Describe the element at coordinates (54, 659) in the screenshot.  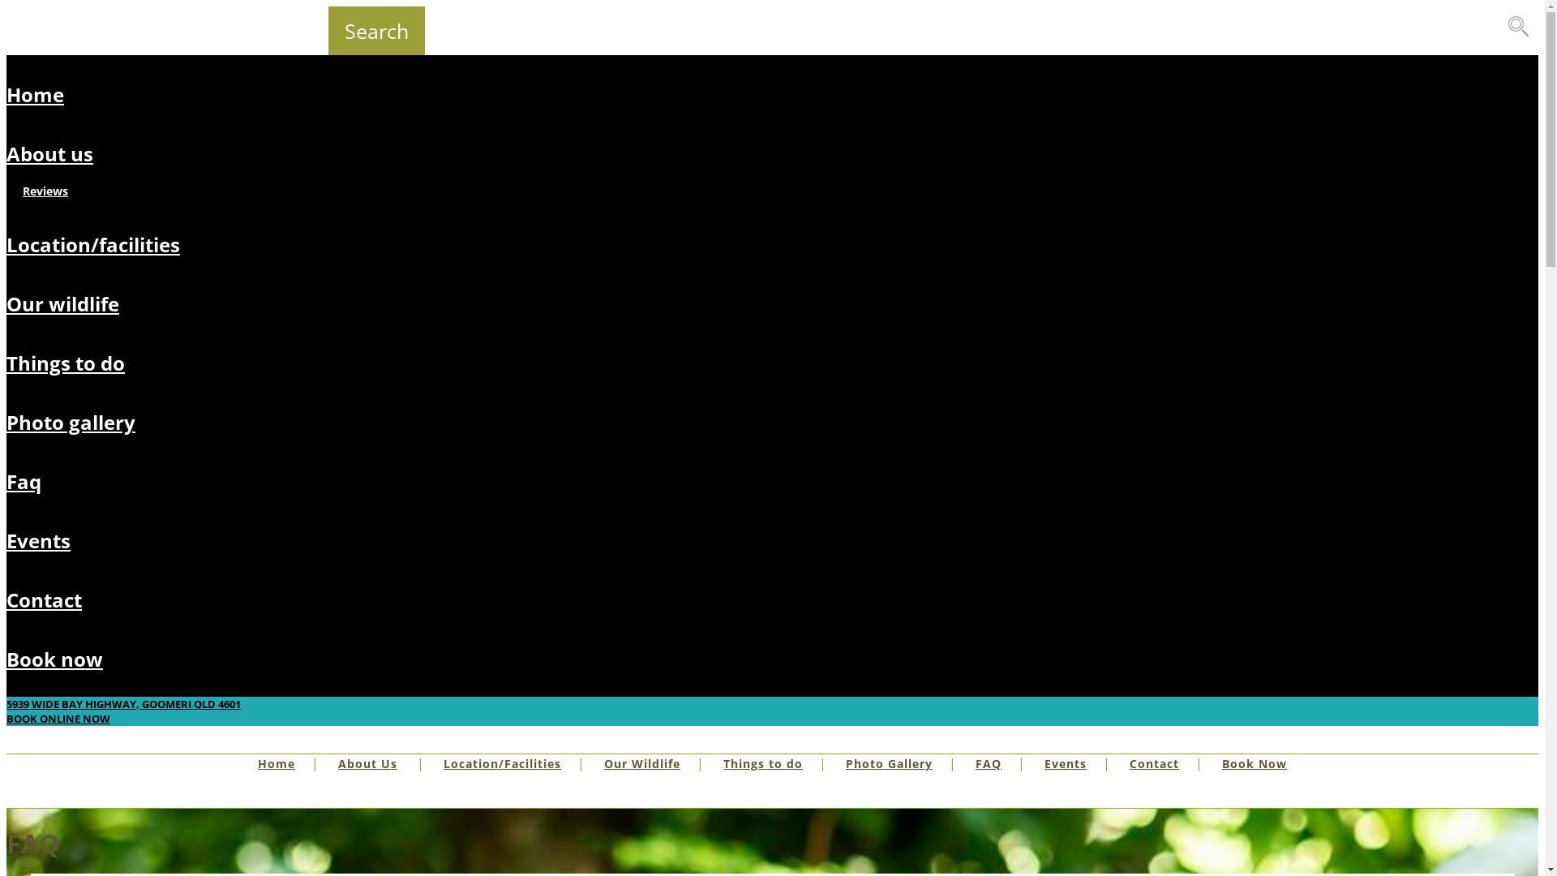
I see `'book now'` at that location.